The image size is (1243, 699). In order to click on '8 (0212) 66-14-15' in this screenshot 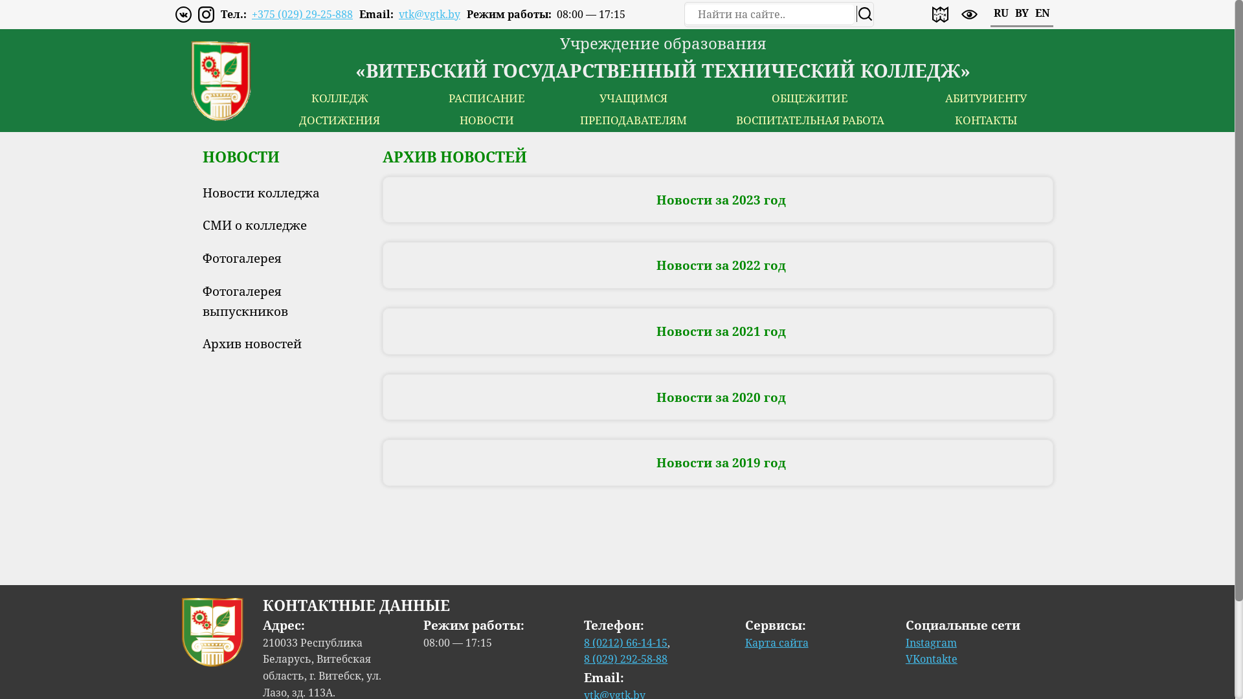, I will do `click(583, 642)`.